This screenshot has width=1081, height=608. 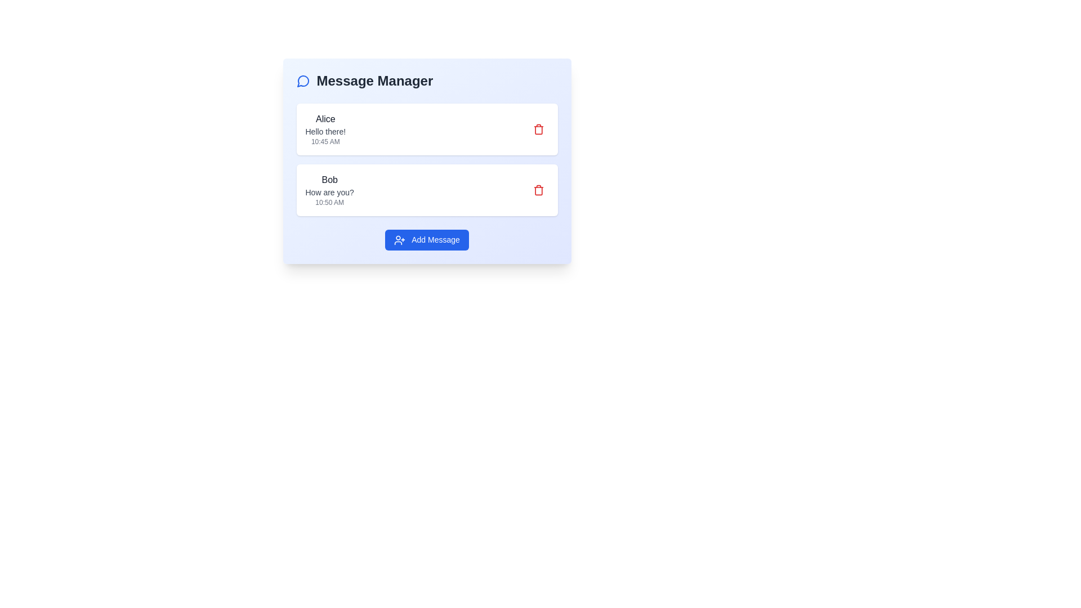 I want to click on the 'Add New Message' button located at the bottom-center of the interface, so click(x=426, y=239).